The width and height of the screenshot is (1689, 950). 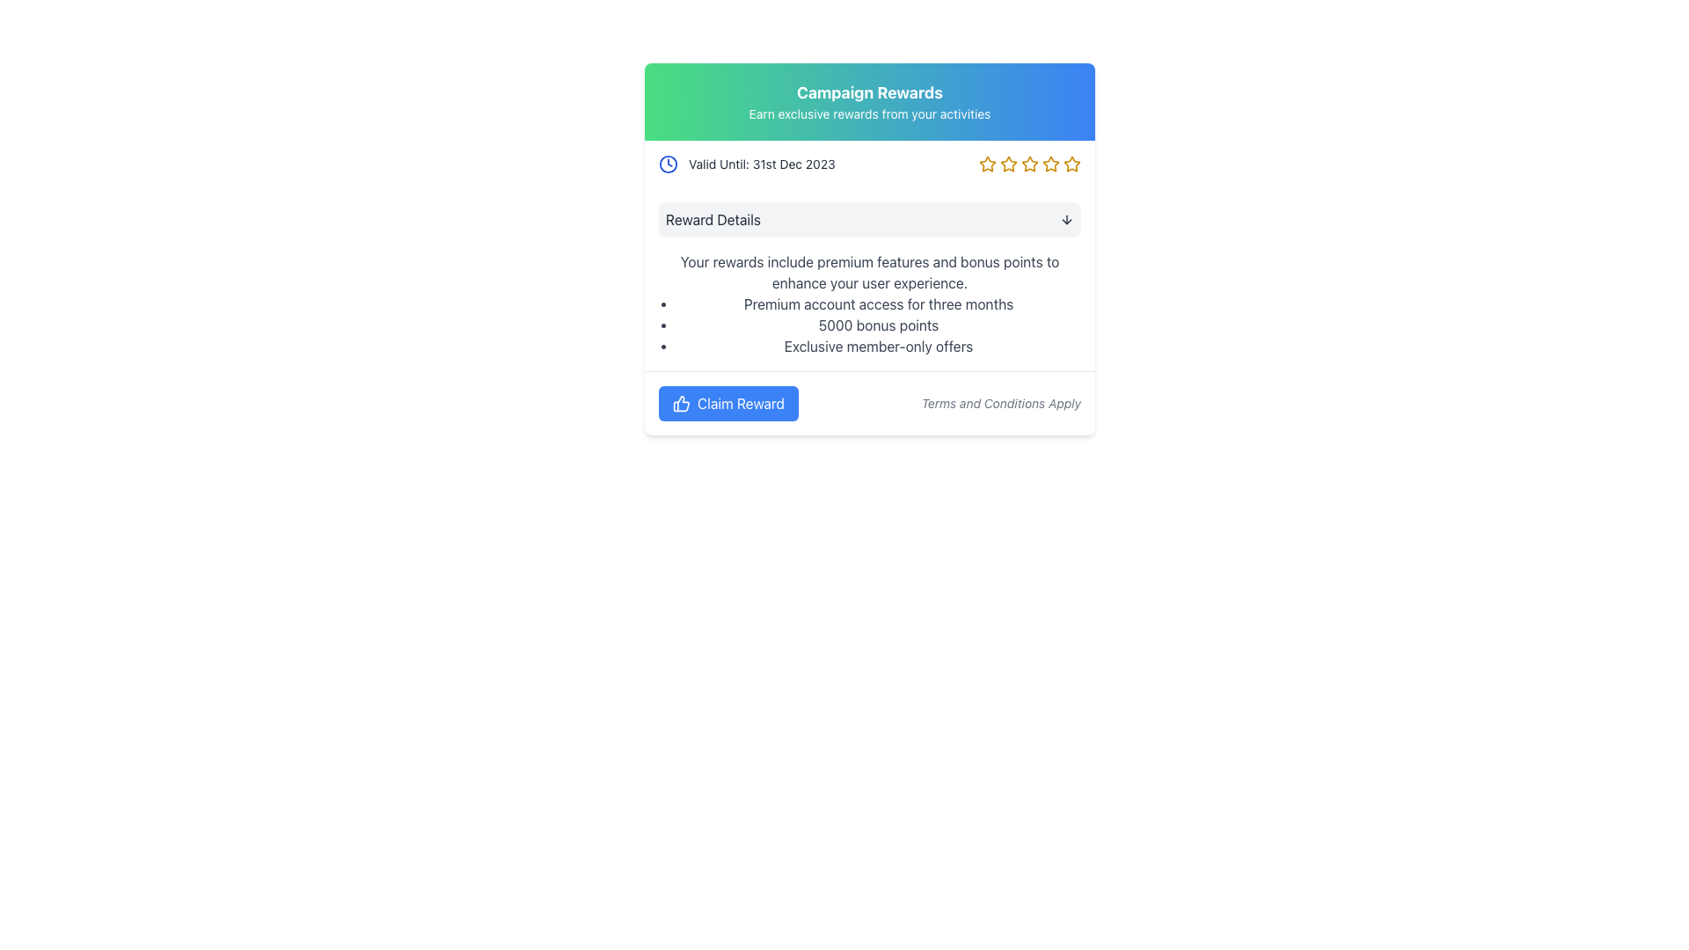 I want to click on the text label that informs users about the provision of 5000 bonus points, which is the second item in the bullet-point list under the 'Reward Details' section of the card, so click(x=878, y=325).